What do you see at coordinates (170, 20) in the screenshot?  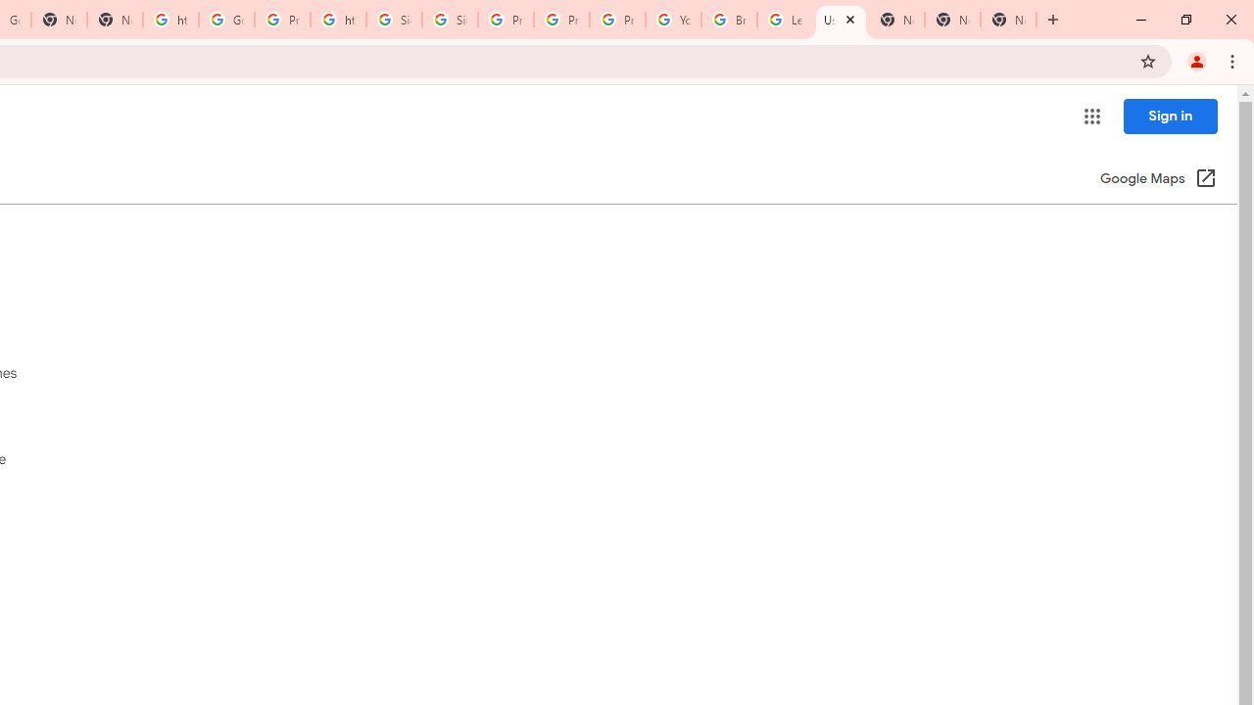 I see `'https://scholar.google.com/'` at bounding box center [170, 20].